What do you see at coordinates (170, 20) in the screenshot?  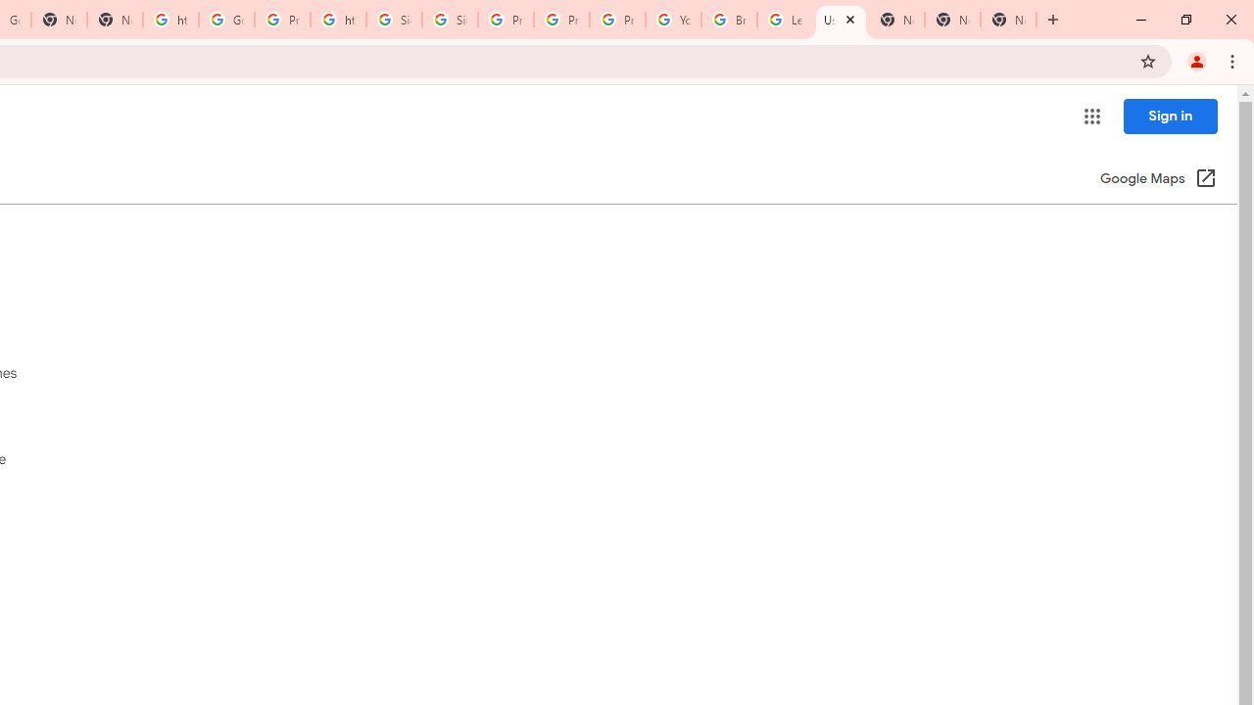 I see `'https://scholar.google.com/'` at bounding box center [170, 20].